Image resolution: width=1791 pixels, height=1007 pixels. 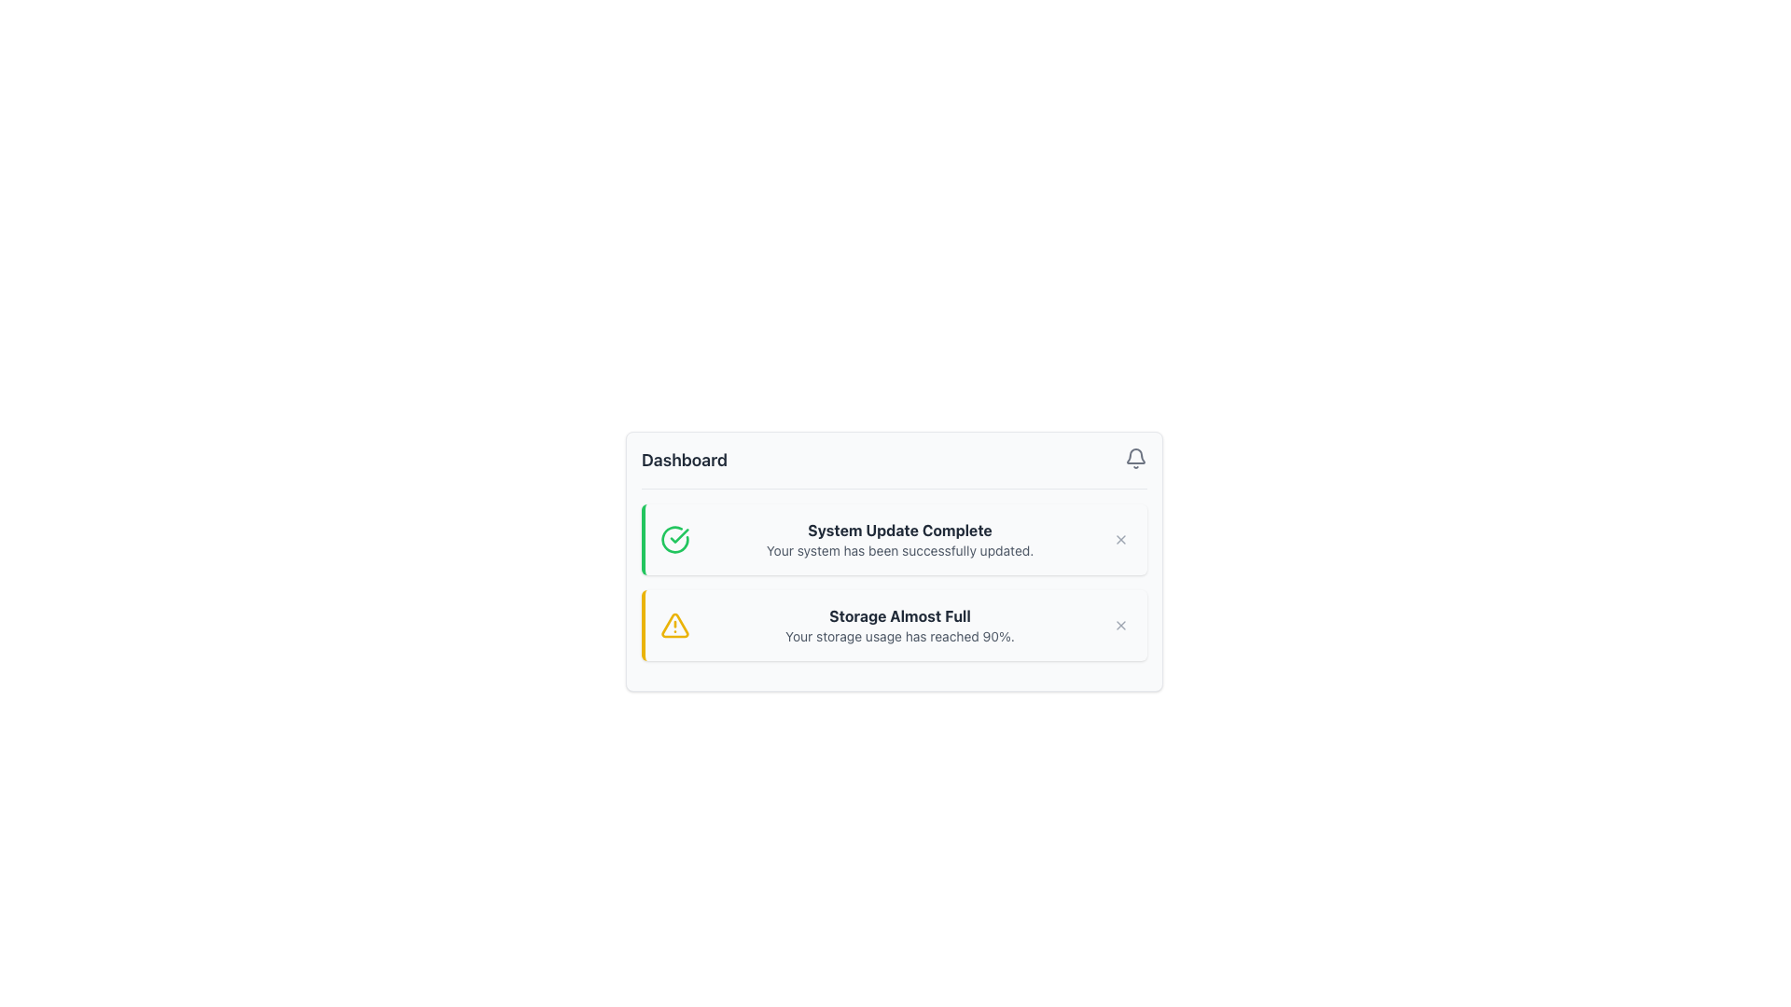 What do you see at coordinates (678, 535) in the screenshot?
I see `the green checkmark icon, which indicates success or completion, located in the left part of the notification card on the dashboard interface` at bounding box center [678, 535].